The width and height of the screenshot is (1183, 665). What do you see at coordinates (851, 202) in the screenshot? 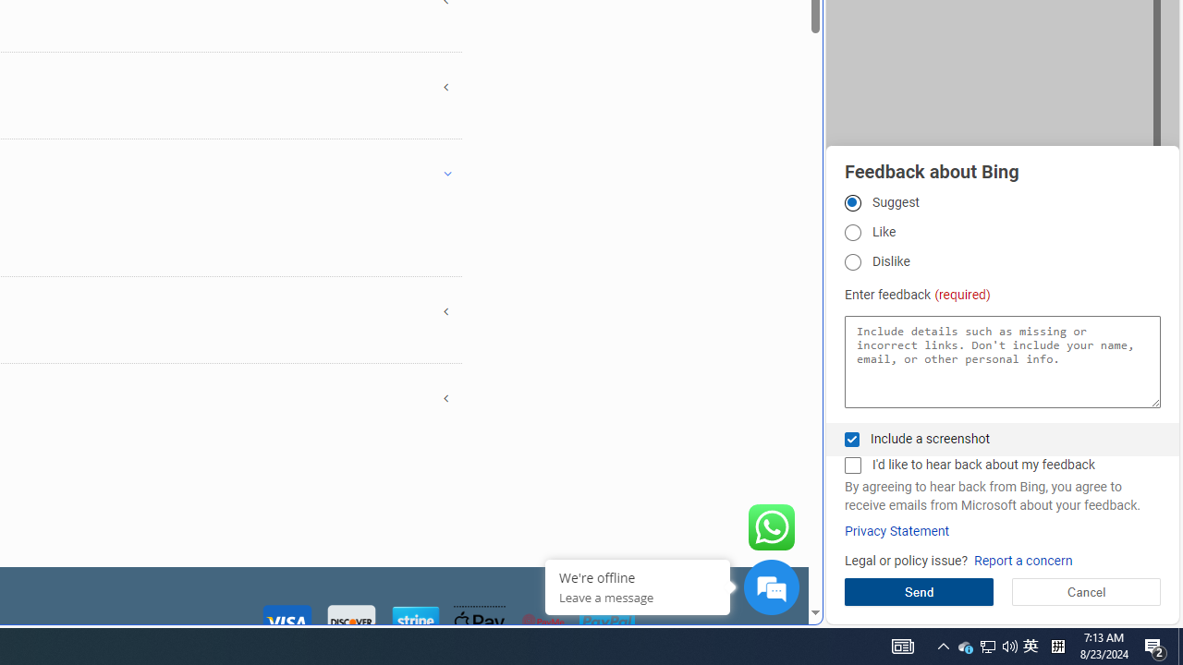
I see `'Suggest'` at bounding box center [851, 202].